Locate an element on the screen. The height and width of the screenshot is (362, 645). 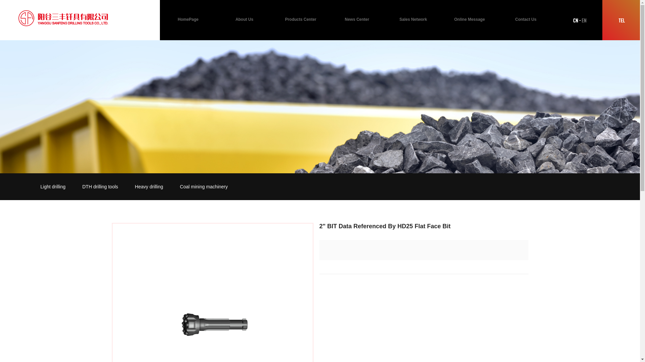
'HomePage' is located at coordinates (188, 19).